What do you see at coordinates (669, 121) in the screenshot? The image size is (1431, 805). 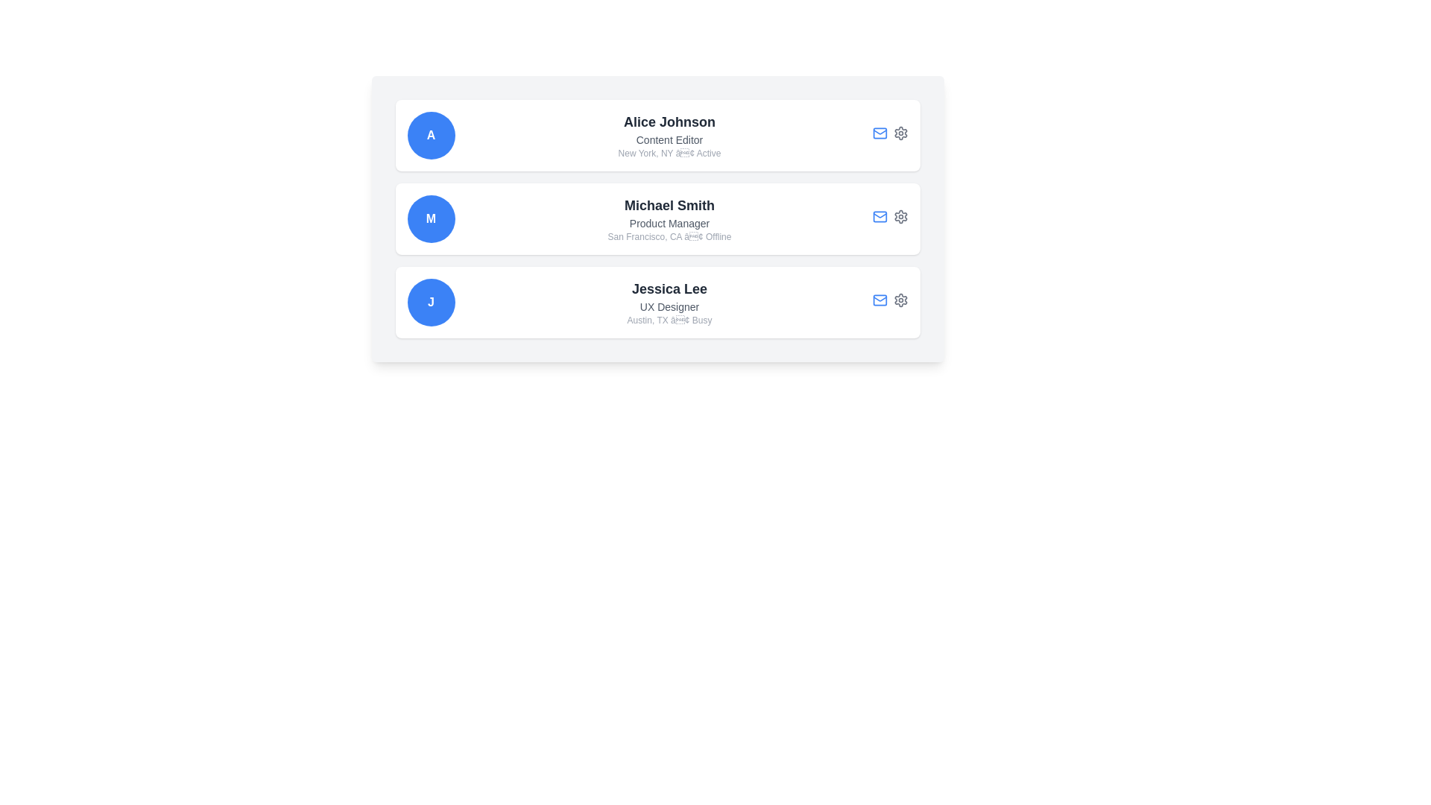 I see `the static text label displaying 'Alice Johnson' in bold, which serves as the main title within its section` at bounding box center [669, 121].